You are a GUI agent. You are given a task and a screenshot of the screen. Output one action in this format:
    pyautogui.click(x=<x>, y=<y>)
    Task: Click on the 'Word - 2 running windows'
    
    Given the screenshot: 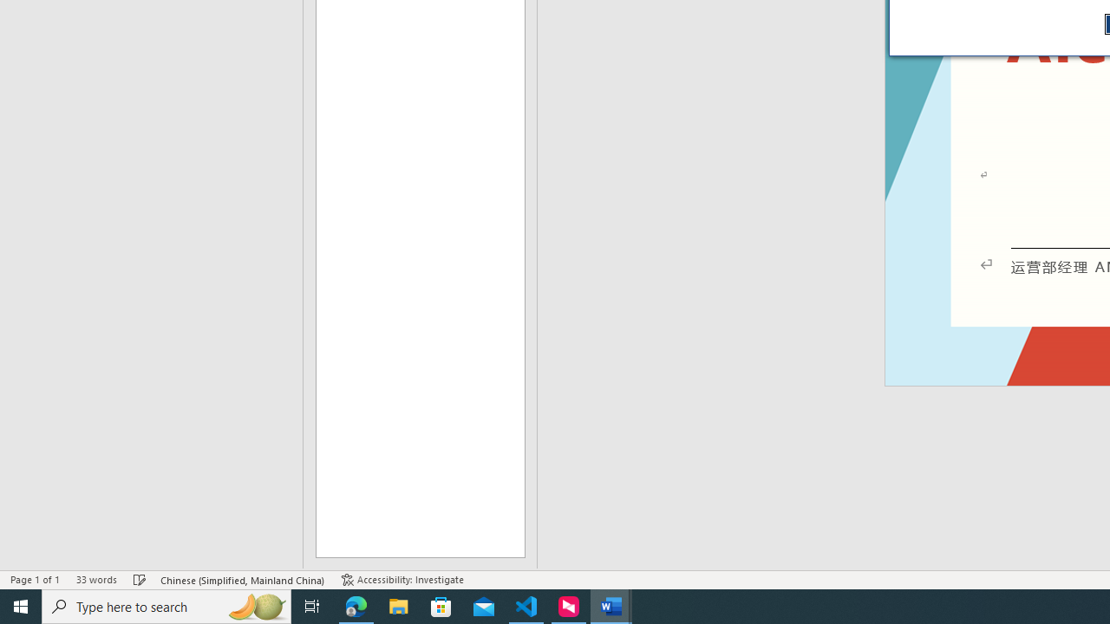 What is the action you would take?
    pyautogui.click(x=611, y=605)
    